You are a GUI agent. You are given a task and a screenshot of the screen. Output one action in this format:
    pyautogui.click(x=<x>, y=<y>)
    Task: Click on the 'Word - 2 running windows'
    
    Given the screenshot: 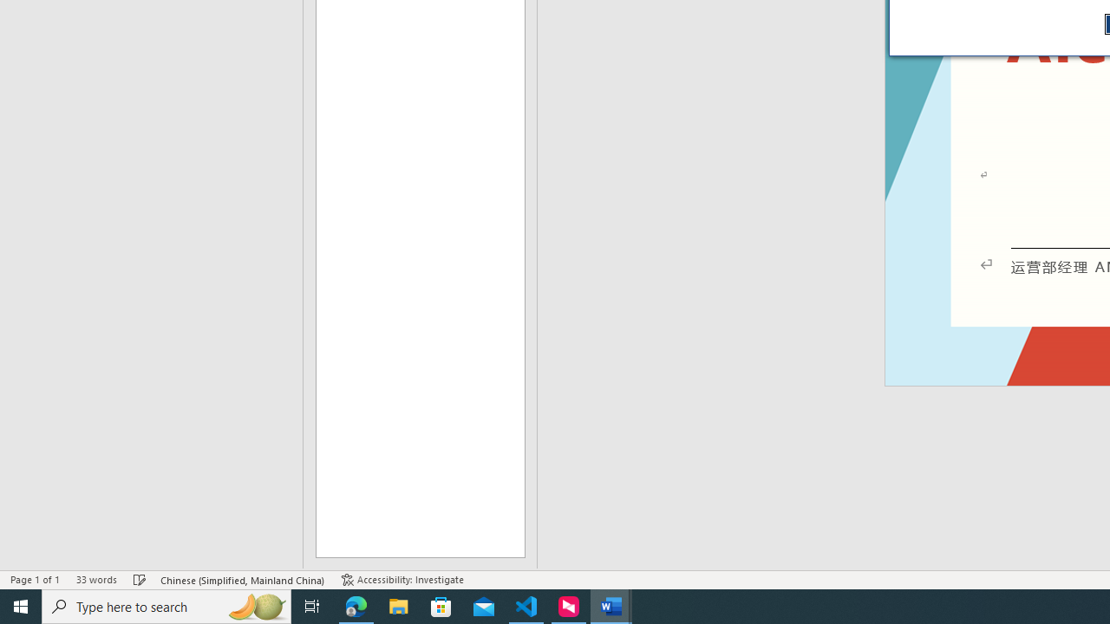 What is the action you would take?
    pyautogui.click(x=611, y=605)
    